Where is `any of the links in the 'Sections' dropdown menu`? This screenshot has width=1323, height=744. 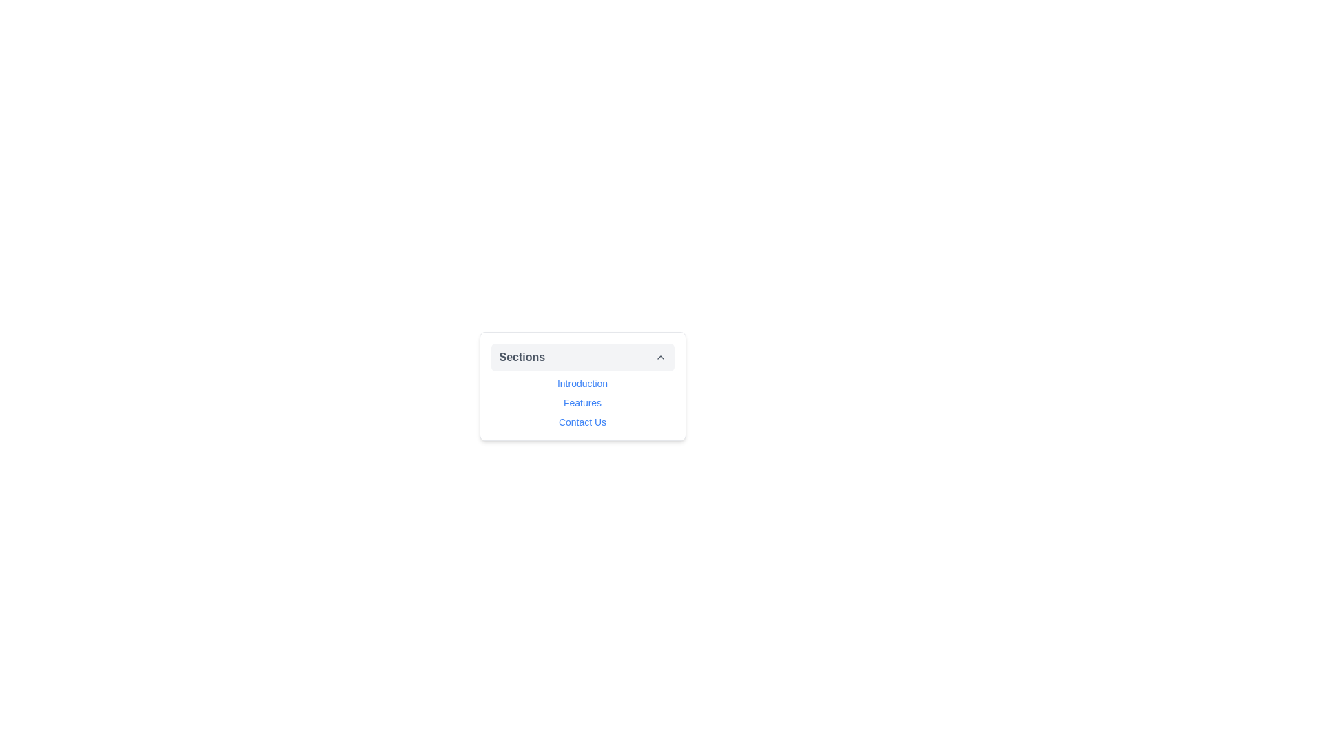 any of the links in the 'Sections' dropdown menu is located at coordinates (582, 386).